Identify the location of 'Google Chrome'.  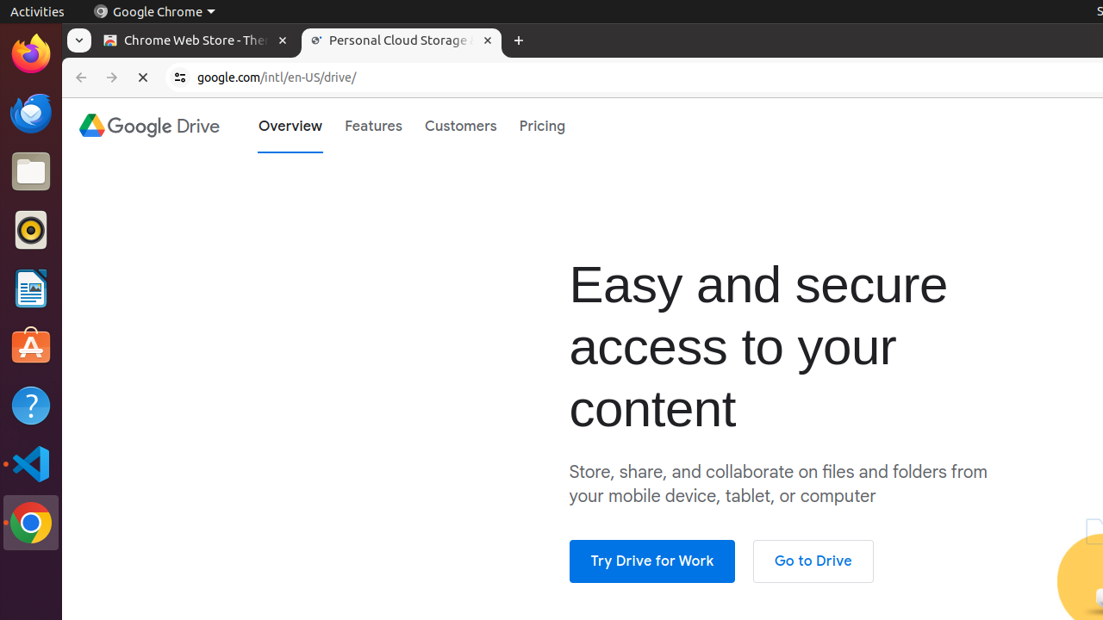
(153, 11).